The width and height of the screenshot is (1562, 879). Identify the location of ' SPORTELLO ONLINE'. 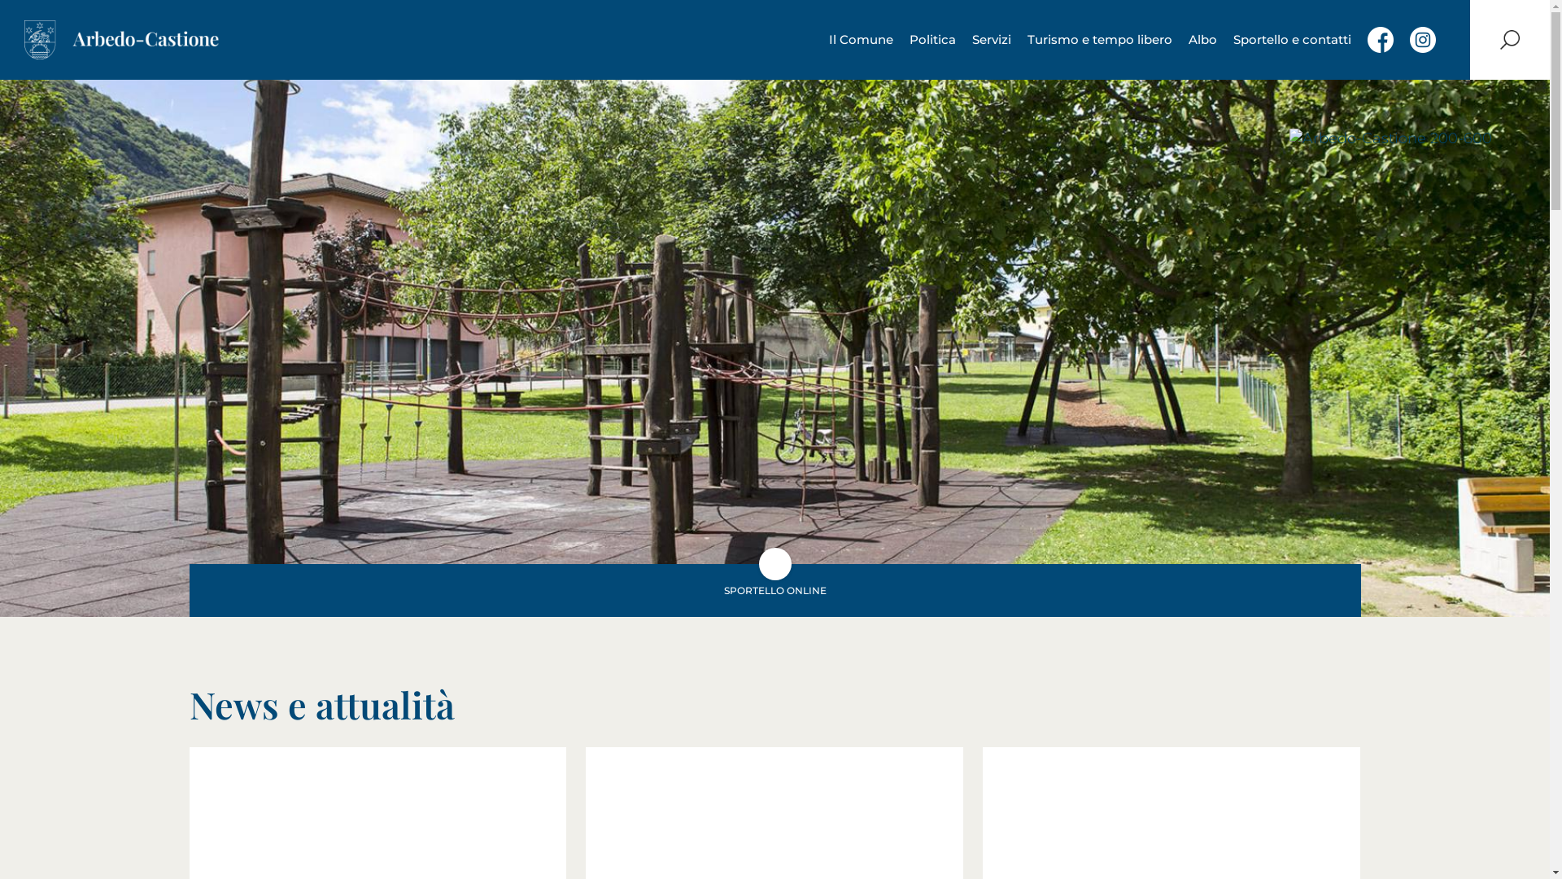
(773, 590).